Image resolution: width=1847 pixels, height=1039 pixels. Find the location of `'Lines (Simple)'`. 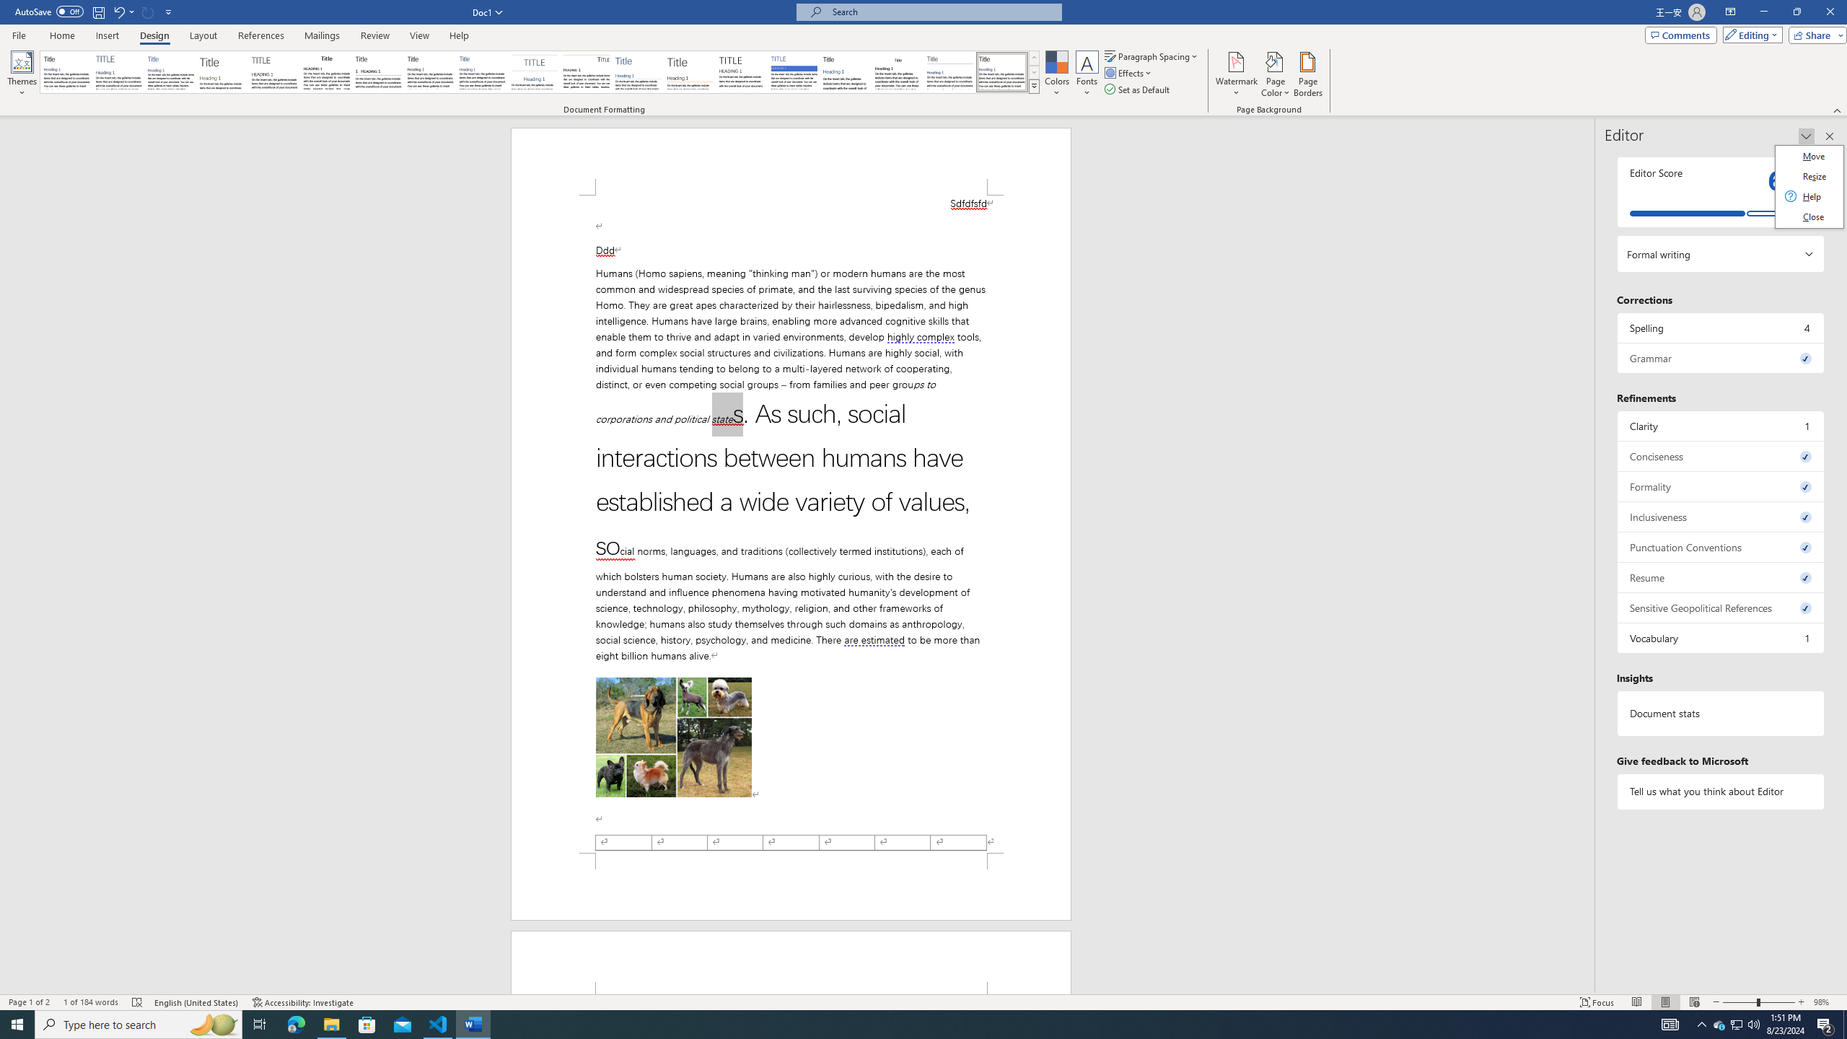

'Lines (Simple)' is located at coordinates (638, 71).